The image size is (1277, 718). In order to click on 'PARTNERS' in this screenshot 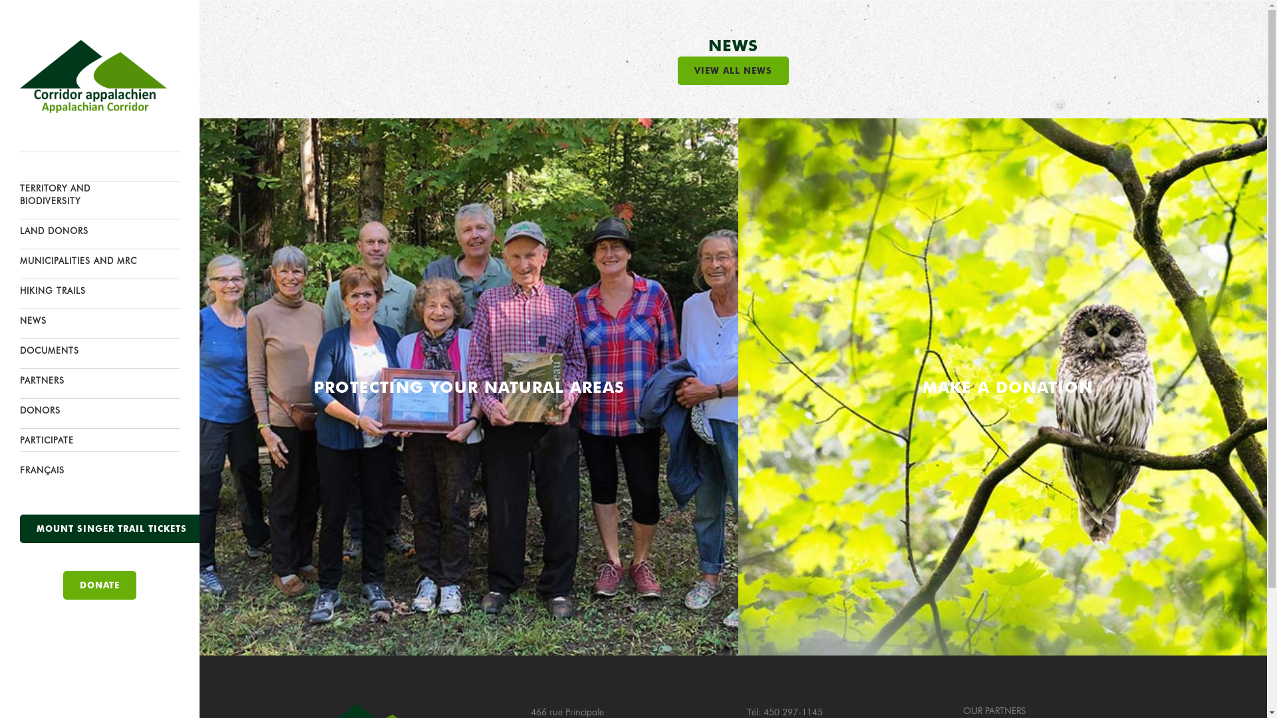, I will do `click(98, 380)`.